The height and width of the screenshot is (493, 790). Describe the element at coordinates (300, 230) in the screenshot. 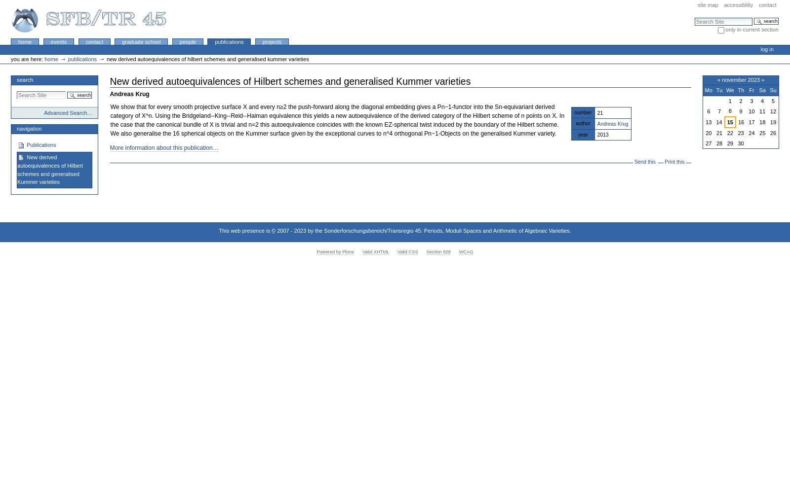

I see `'2023'` at that location.